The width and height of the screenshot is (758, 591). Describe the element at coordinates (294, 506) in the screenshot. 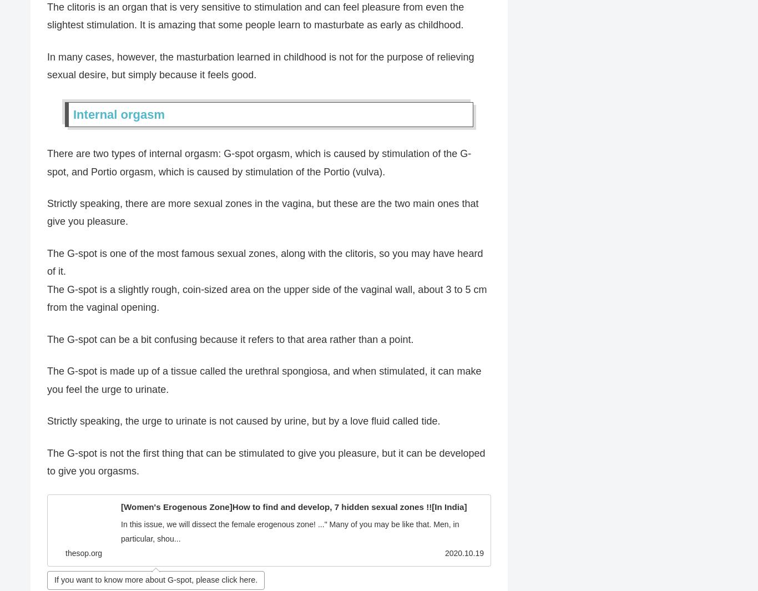

I see `'[Women's Erogenous Zone]How to find and develop, 7 hidden sexual zones !![In India]'` at that location.